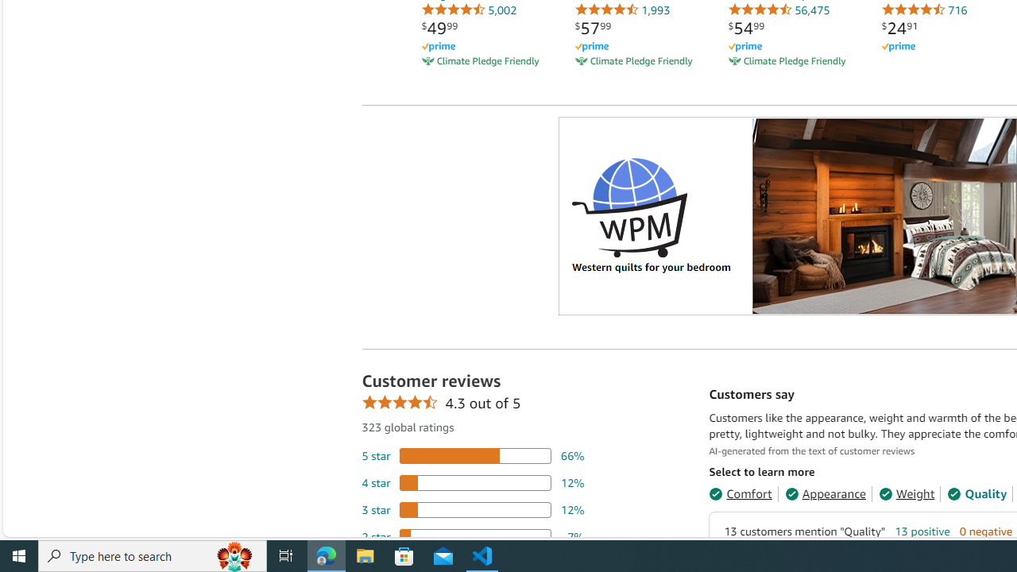 Image resolution: width=1017 pixels, height=572 pixels. What do you see at coordinates (592, 28) in the screenshot?
I see `'$57.99'` at bounding box center [592, 28].